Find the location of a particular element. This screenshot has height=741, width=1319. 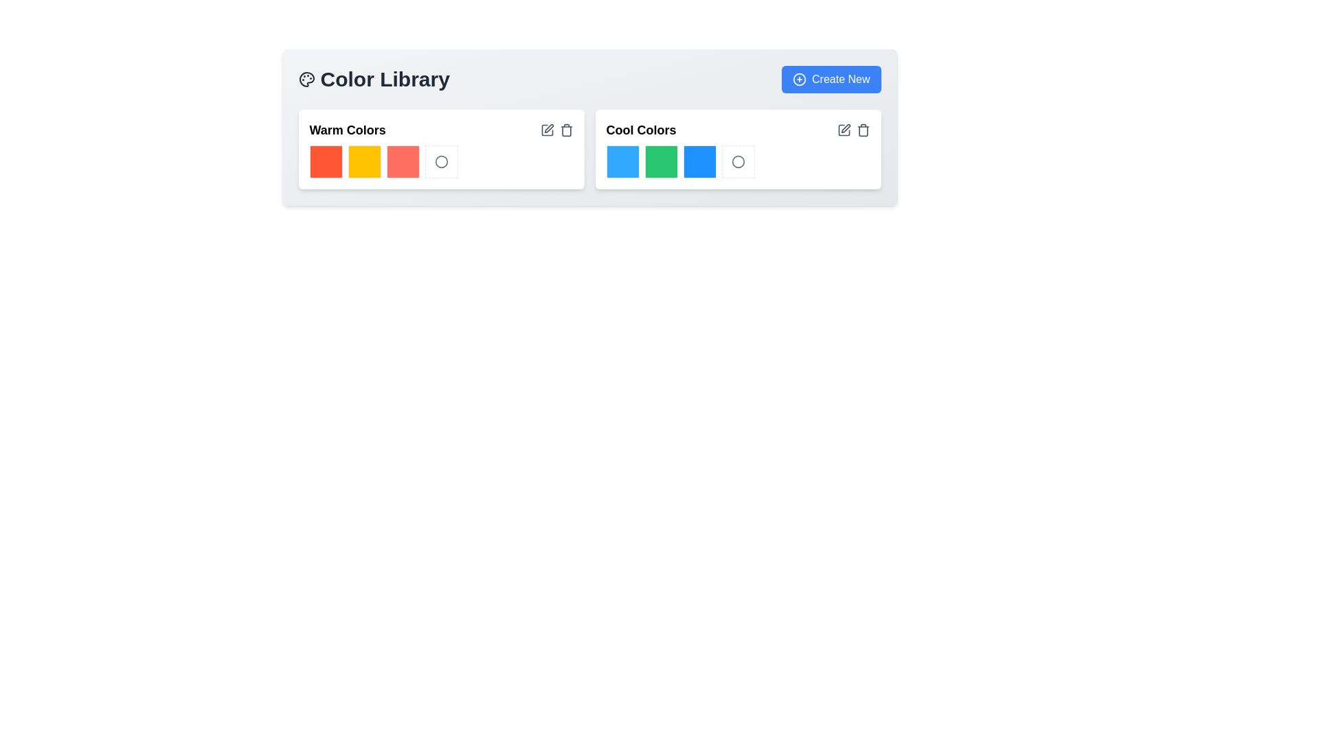

the descriptive text label located in the upper-left corner of the right-hand group of a horizontally split layout, which serves as a label for the associated color palette is located at coordinates (640, 130).